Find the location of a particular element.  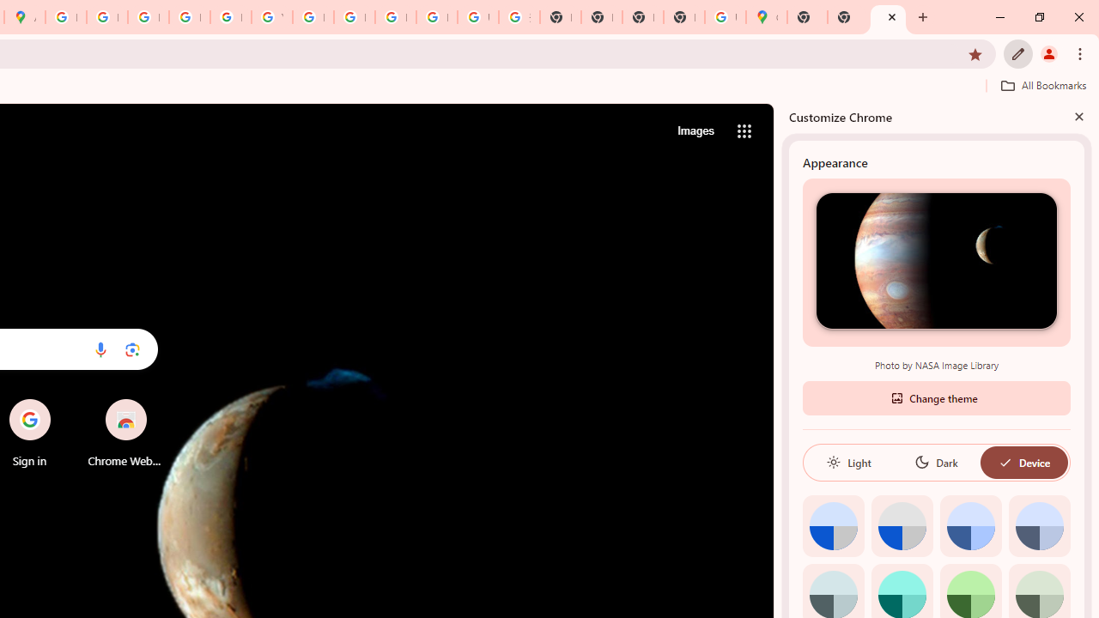

'Photo by NASA Image Library' is located at coordinates (935, 260).